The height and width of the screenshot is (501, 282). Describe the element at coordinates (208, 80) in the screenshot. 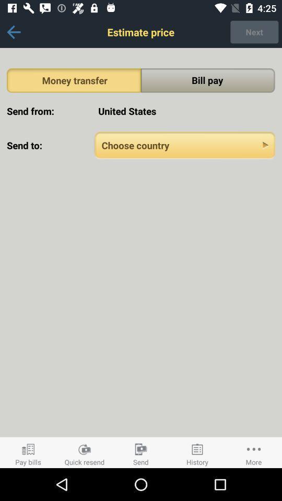

I see `the icon to the right of money transfer item` at that location.